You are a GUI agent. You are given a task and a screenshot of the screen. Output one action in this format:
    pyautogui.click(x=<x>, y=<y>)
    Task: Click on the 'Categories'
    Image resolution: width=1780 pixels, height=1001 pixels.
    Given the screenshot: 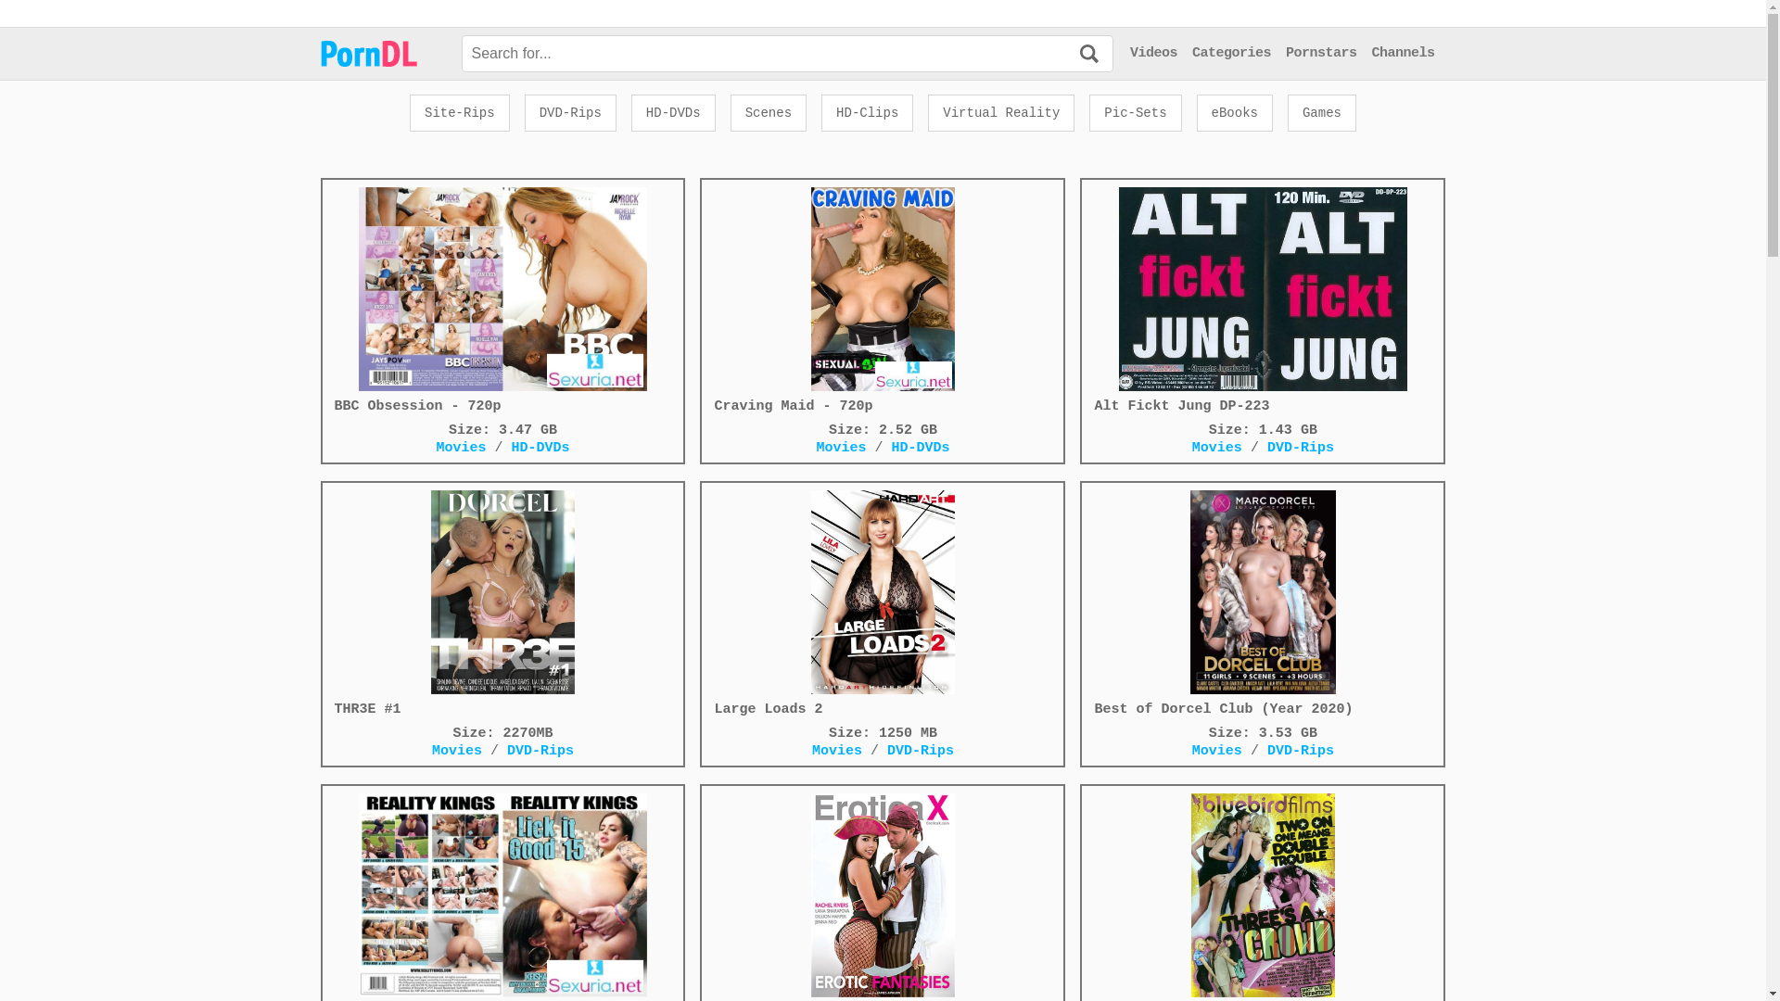 What is the action you would take?
    pyautogui.click(x=1192, y=52)
    